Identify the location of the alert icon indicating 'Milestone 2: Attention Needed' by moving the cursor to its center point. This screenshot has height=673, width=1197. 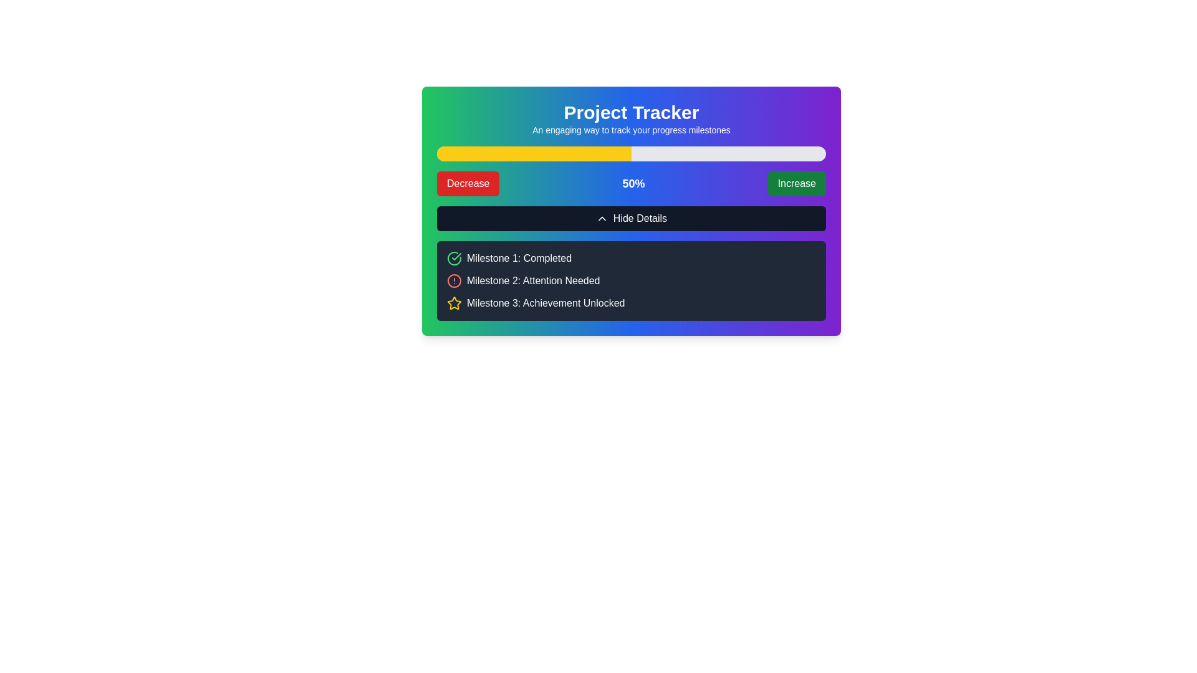
(454, 281).